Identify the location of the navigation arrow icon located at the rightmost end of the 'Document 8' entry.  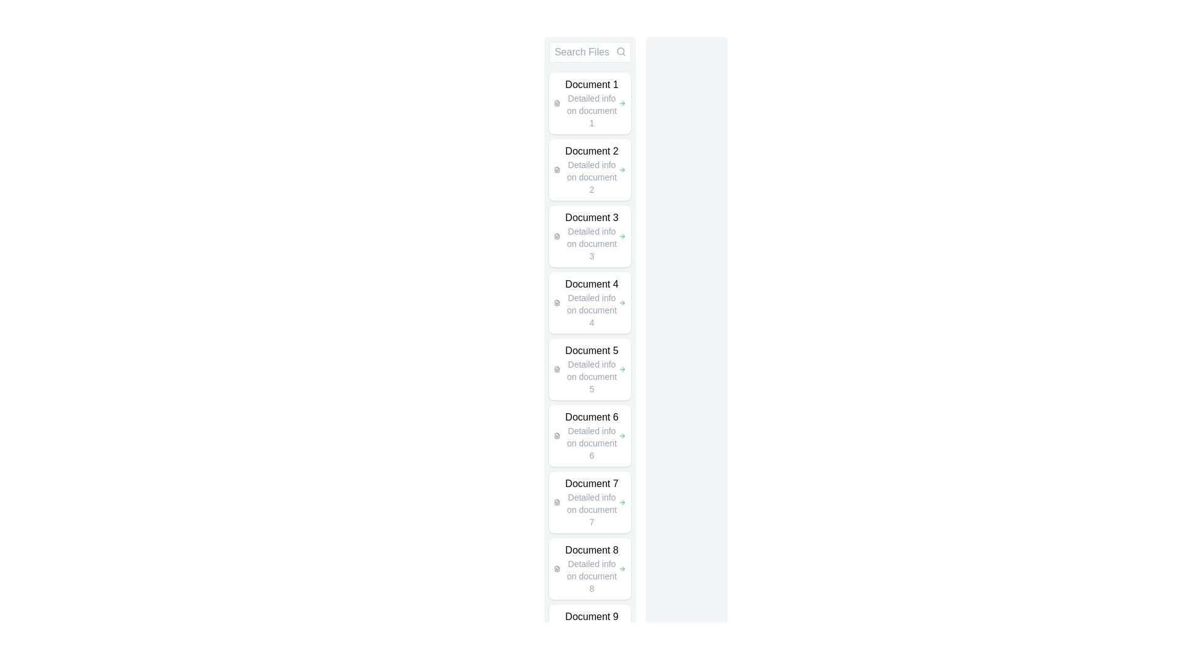
(622, 569).